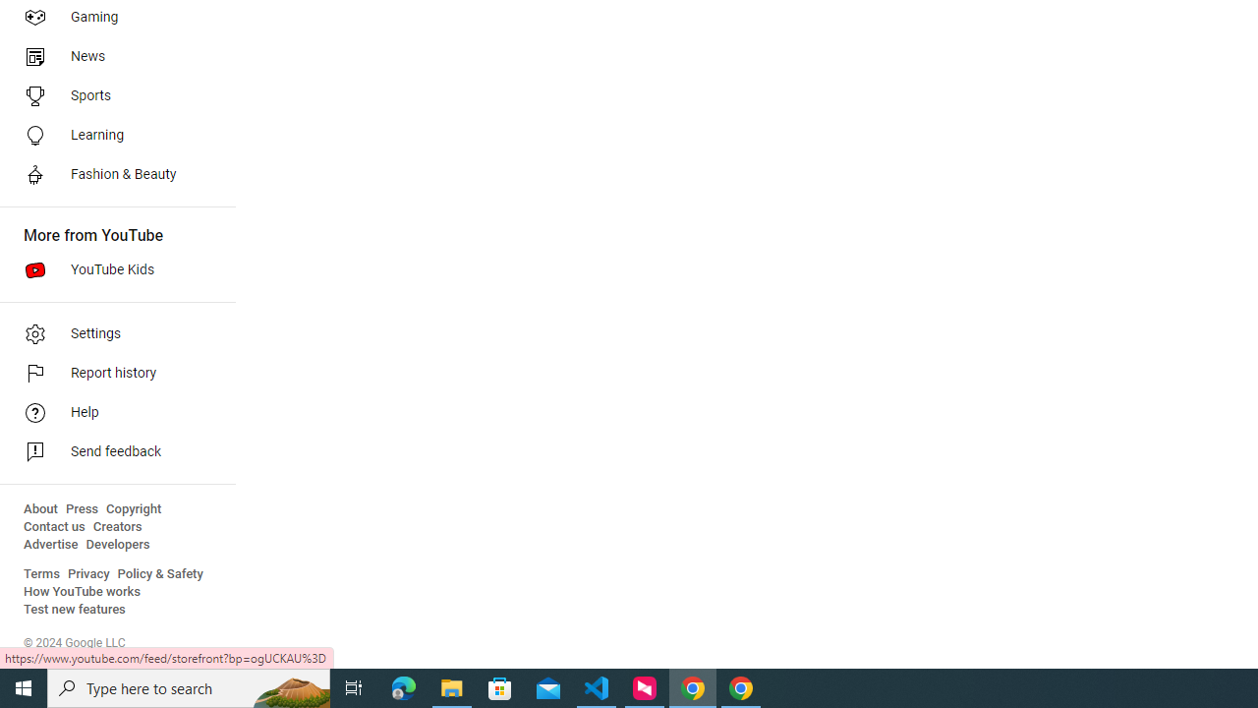  I want to click on 'News', so click(110, 55).